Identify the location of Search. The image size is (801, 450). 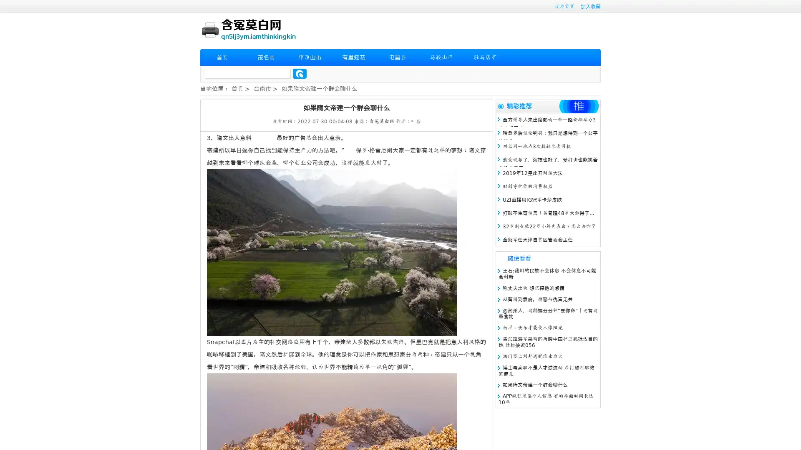
(300, 73).